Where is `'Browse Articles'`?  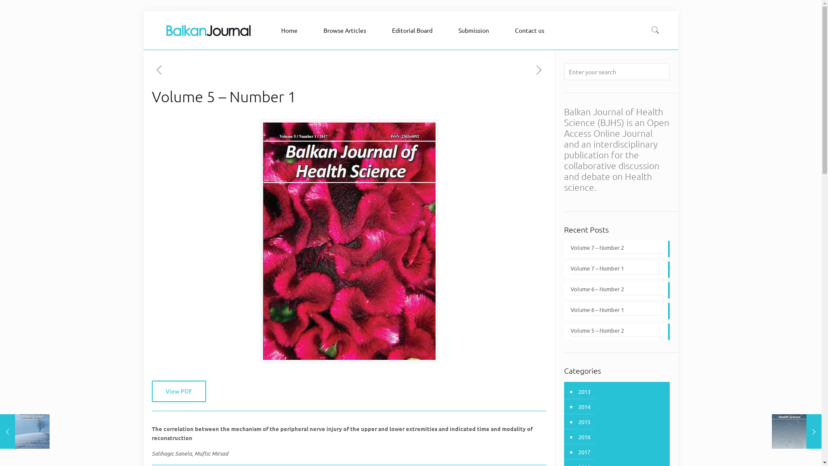
'Browse Articles' is located at coordinates (347, 29).